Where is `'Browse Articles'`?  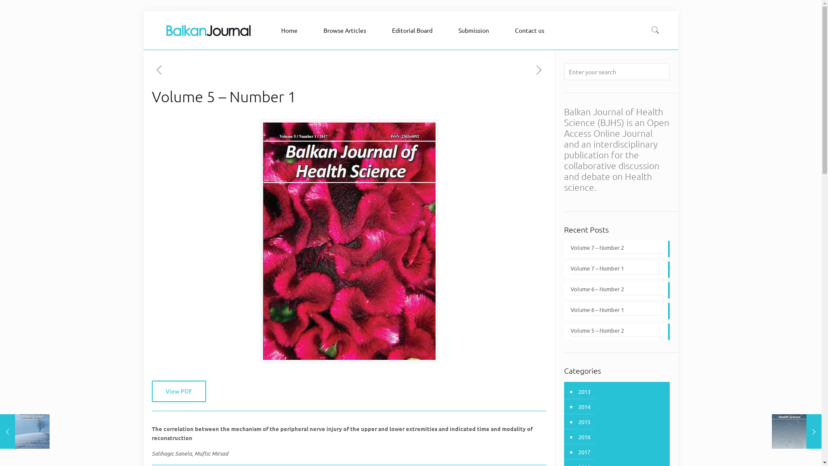
'Browse Articles' is located at coordinates (347, 29).